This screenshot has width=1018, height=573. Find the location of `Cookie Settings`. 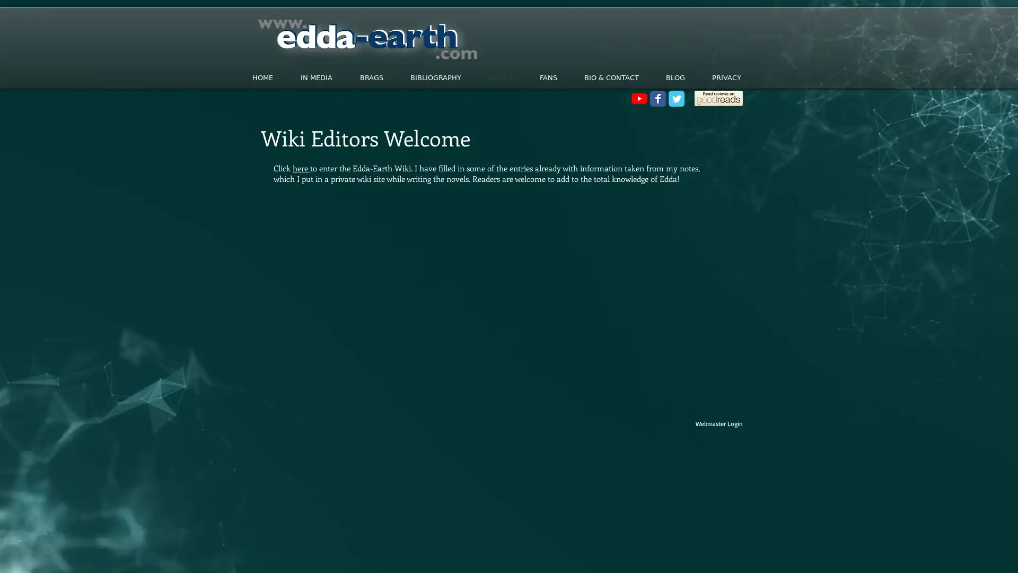

Cookie Settings is located at coordinates (903, 554).